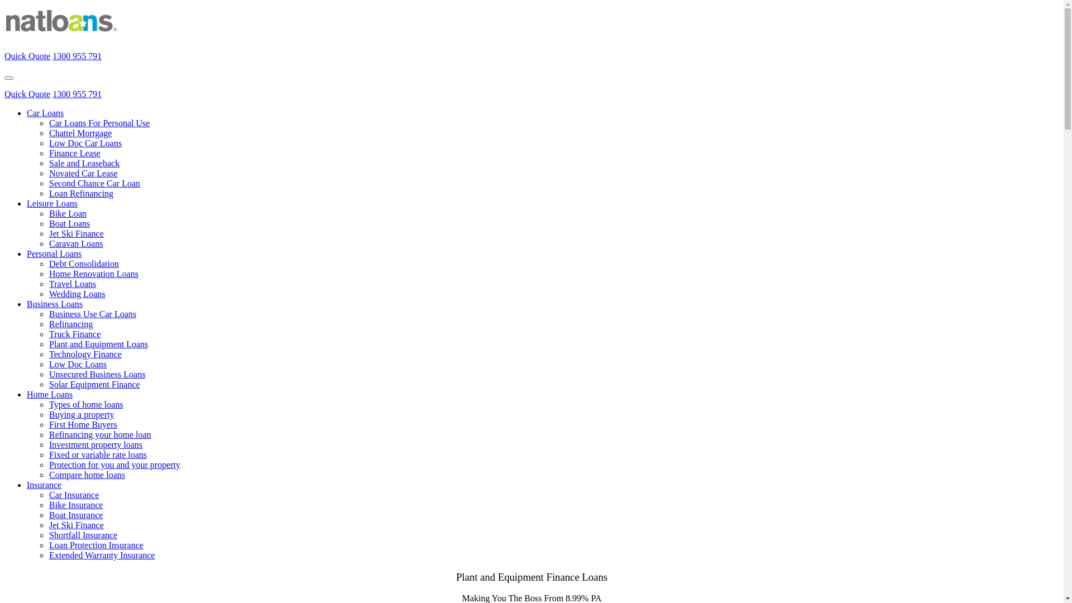 The height and width of the screenshot is (603, 1072). I want to click on 'Home Loans', so click(49, 394).